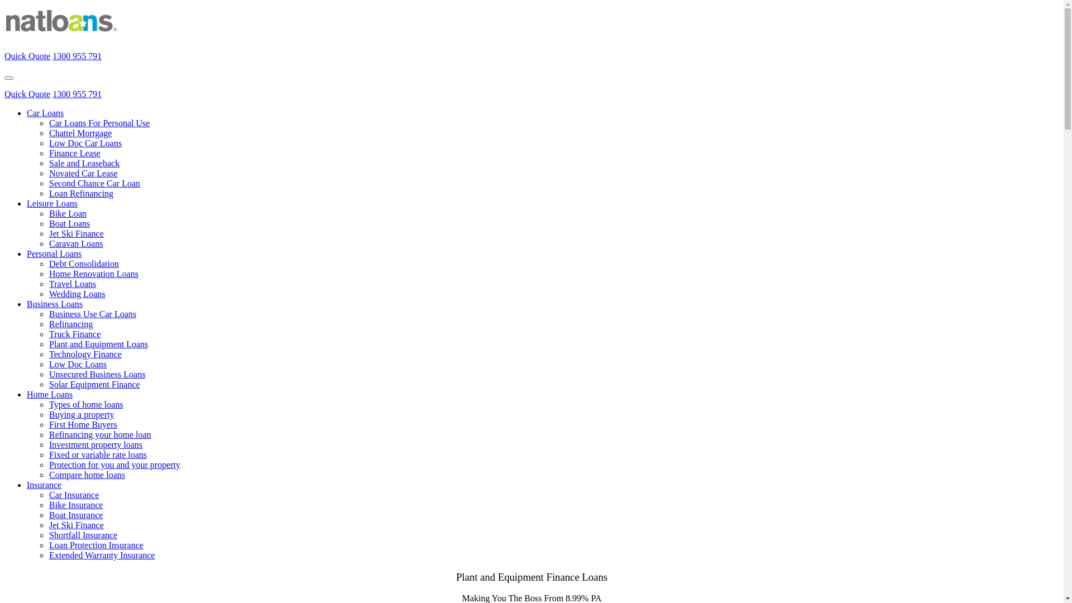 The height and width of the screenshot is (603, 1072). I want to click on 'Home Loans', so click(49, 394).